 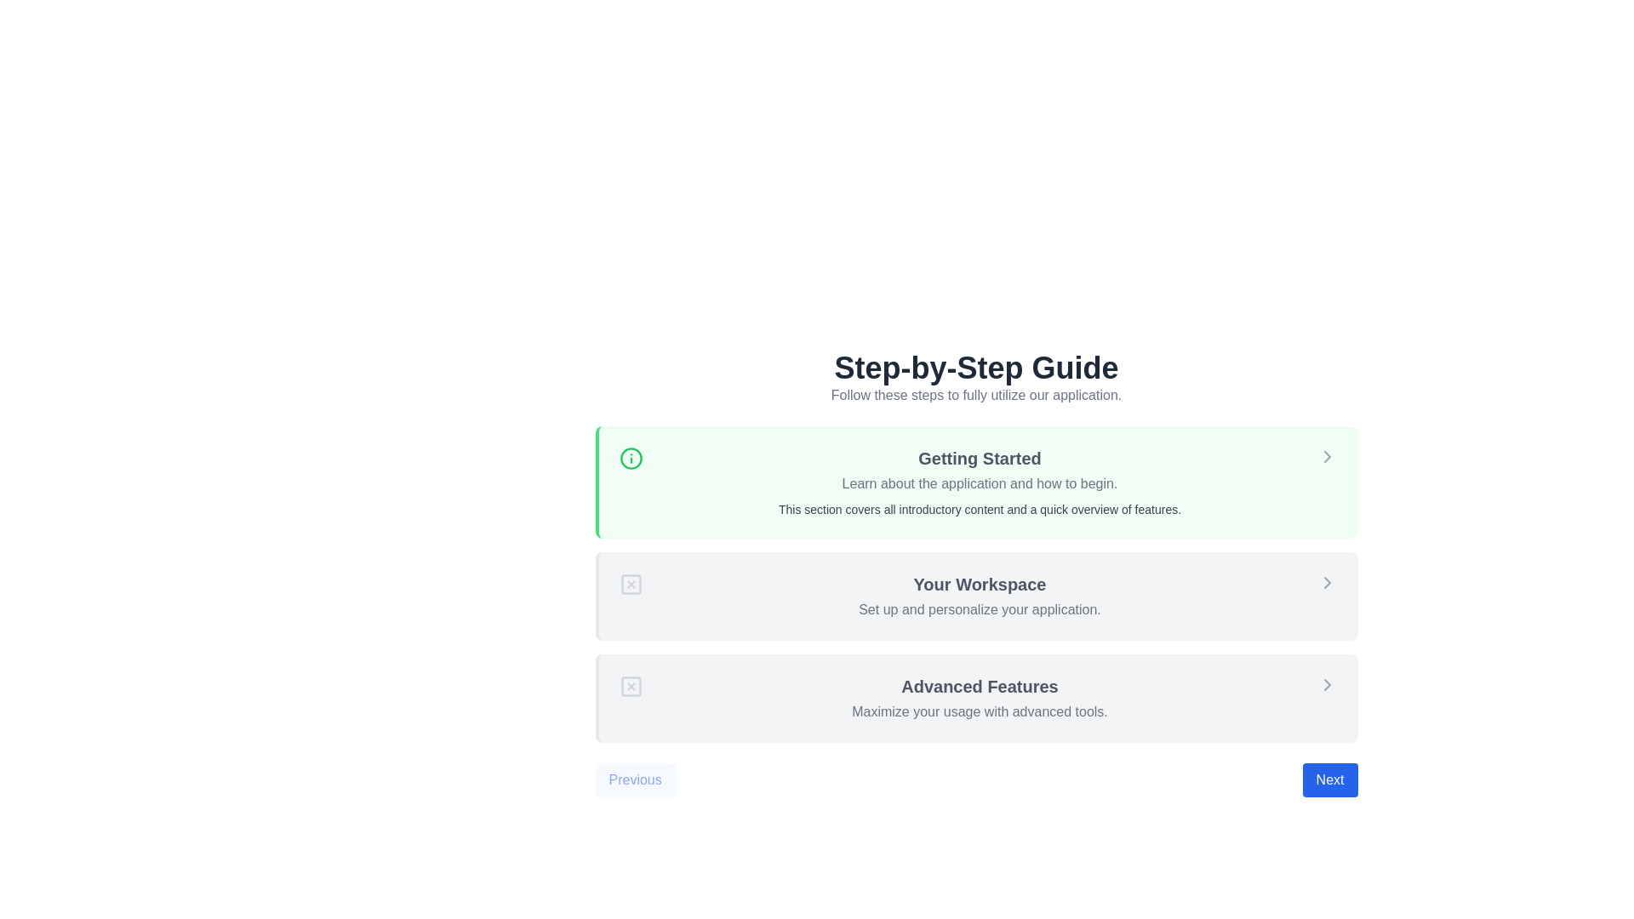 What do you see at coordinates (634, 780) in the screenshot?
I see `the left button that navigates to the previous step in the multi-step process, located near the bottom-center of the interface` at bounding box center [634, 780].